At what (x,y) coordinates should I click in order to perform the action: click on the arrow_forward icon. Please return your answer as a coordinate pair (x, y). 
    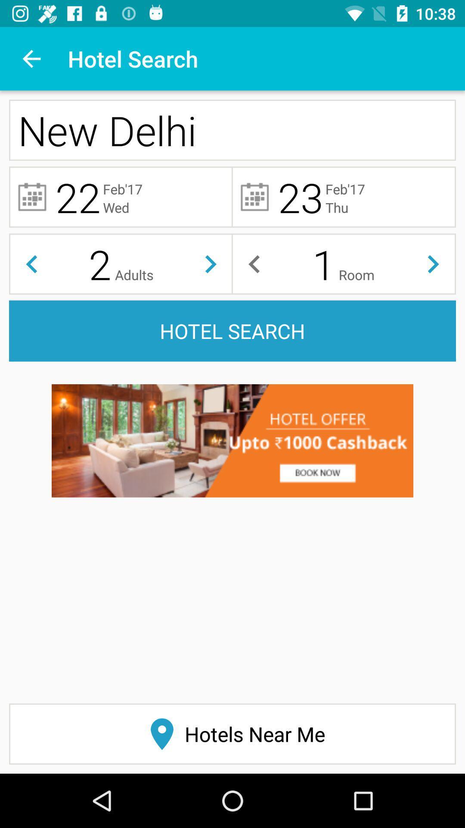
    Looking at the image, I should click on (211, 263).